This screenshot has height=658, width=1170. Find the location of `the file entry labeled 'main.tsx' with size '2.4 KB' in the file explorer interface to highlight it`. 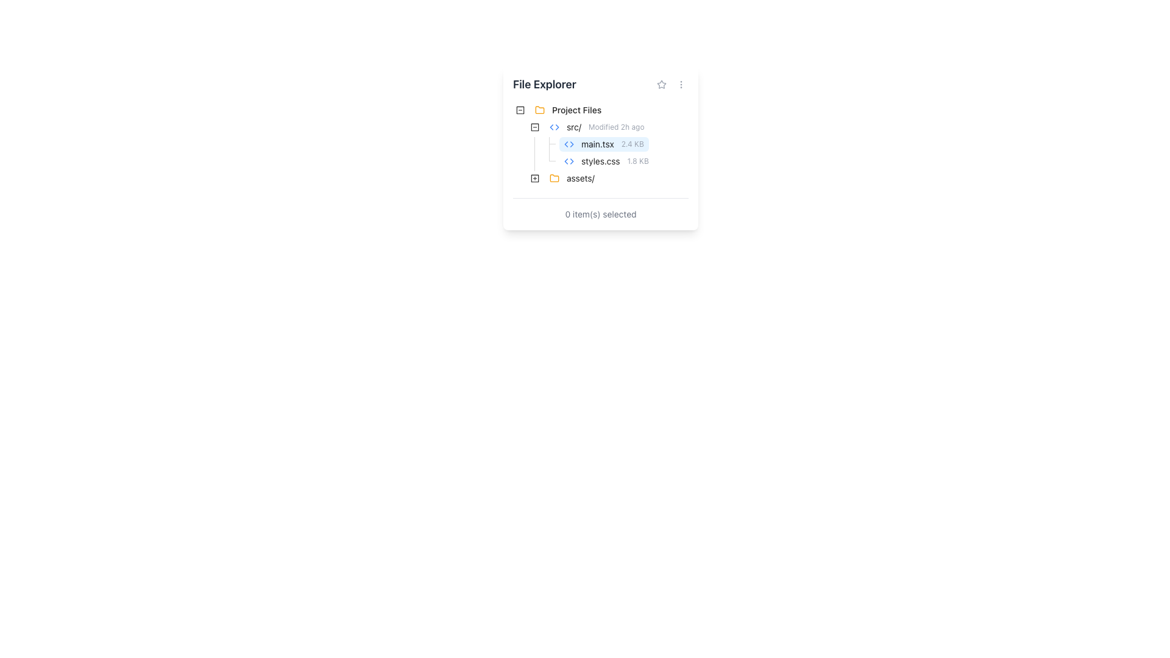

the file entry labeled 'main.tsx' with size '2.4 KB' in the file explorer interface to highlight it is located at coordinates (604, 143).